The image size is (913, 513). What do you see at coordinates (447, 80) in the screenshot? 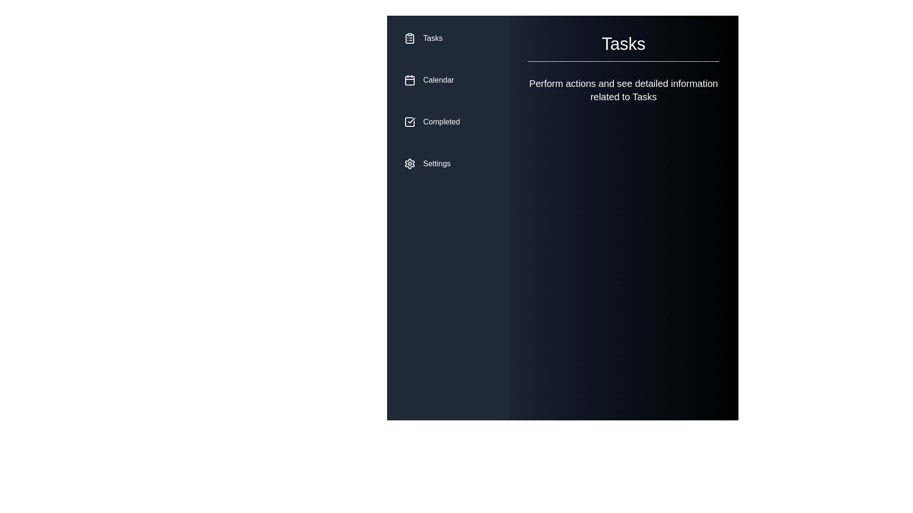
I see `the menu item Calendar to preview its state` at bounding box center [447, 80].